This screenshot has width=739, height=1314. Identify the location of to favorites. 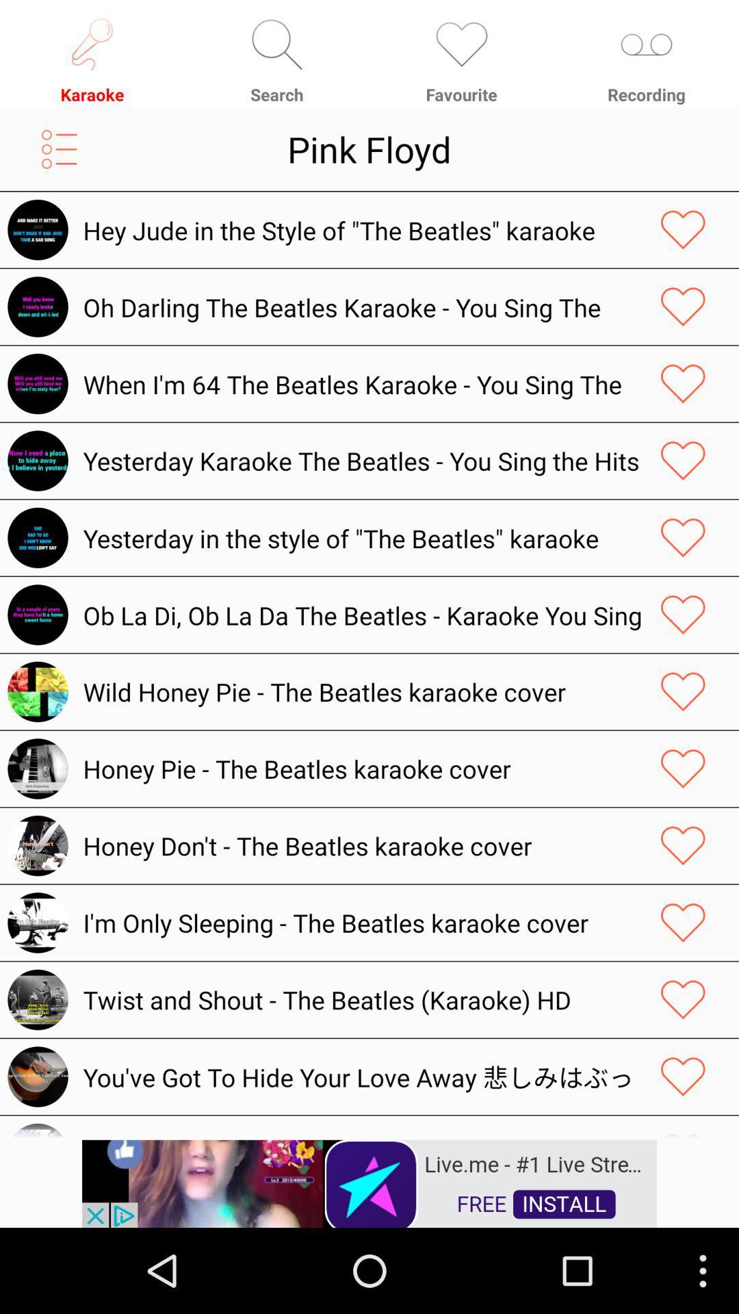
(683, 1076).